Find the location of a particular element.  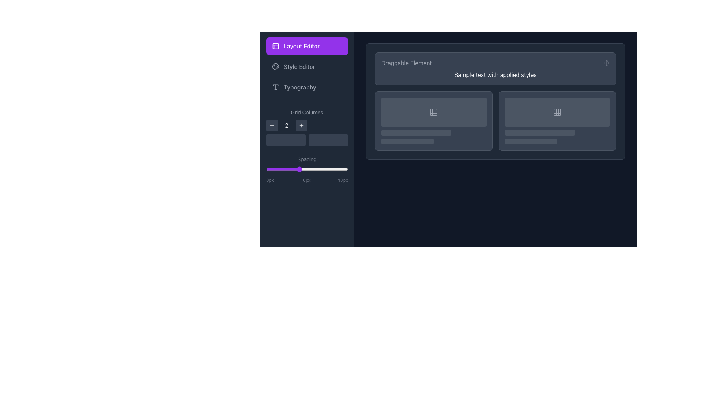

the label located centrally on the left sidebar, which directs the user to typography styles or settings, positioned to the right of a compact icon is located at coordinates (300, 87).